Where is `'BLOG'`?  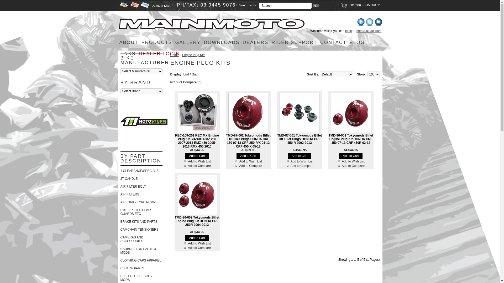
'BLOG' is located at coordinates (357, 42).